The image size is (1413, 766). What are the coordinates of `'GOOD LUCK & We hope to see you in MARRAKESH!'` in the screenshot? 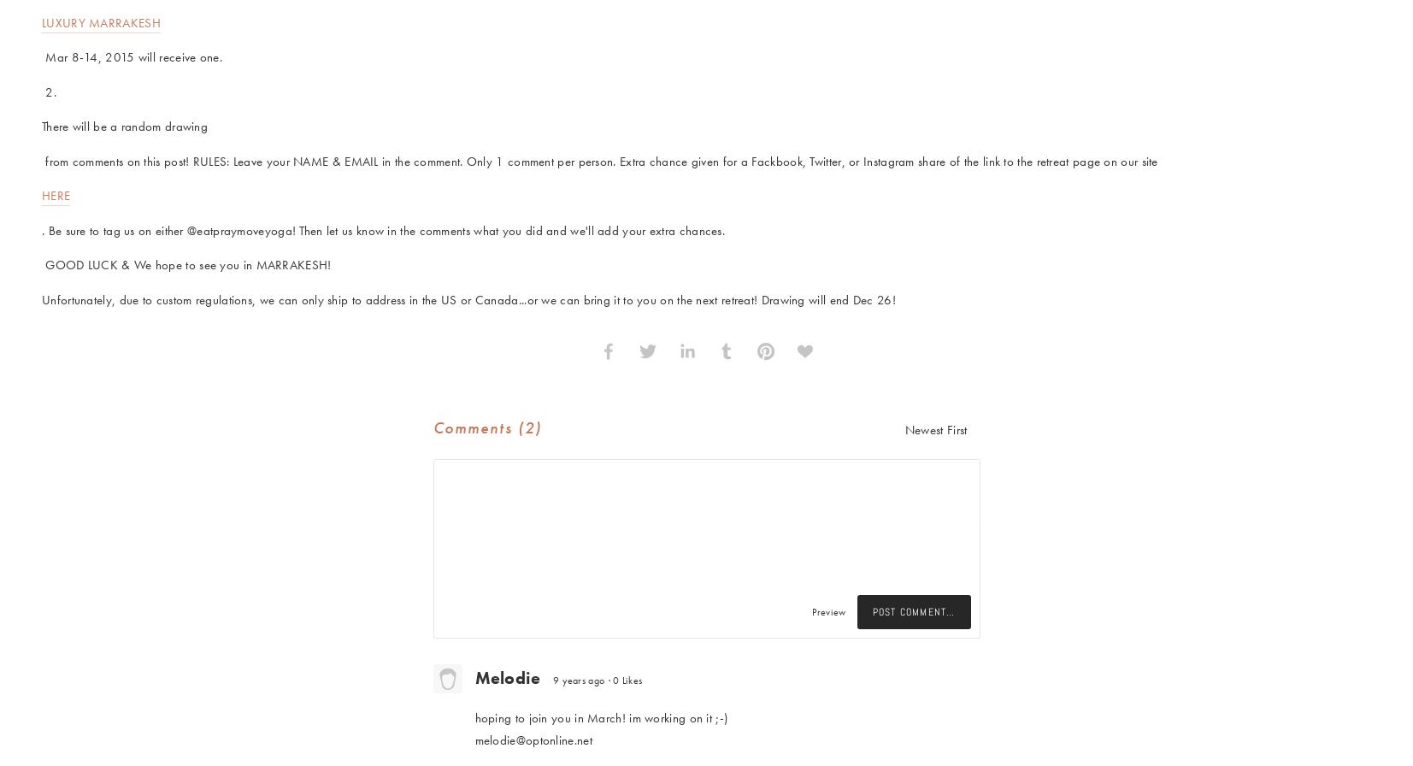 It's located at (185, 265).